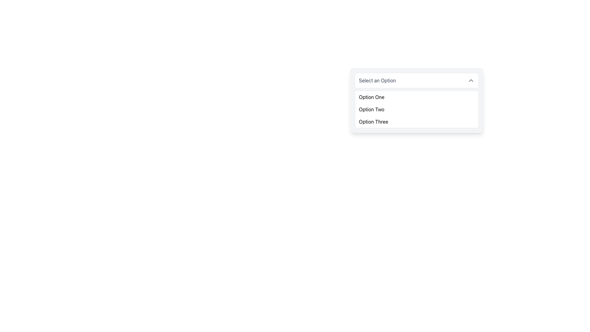  I want to click on the 'Option Three' in the dropdown list to provide a visual indication, so click(373, 122).